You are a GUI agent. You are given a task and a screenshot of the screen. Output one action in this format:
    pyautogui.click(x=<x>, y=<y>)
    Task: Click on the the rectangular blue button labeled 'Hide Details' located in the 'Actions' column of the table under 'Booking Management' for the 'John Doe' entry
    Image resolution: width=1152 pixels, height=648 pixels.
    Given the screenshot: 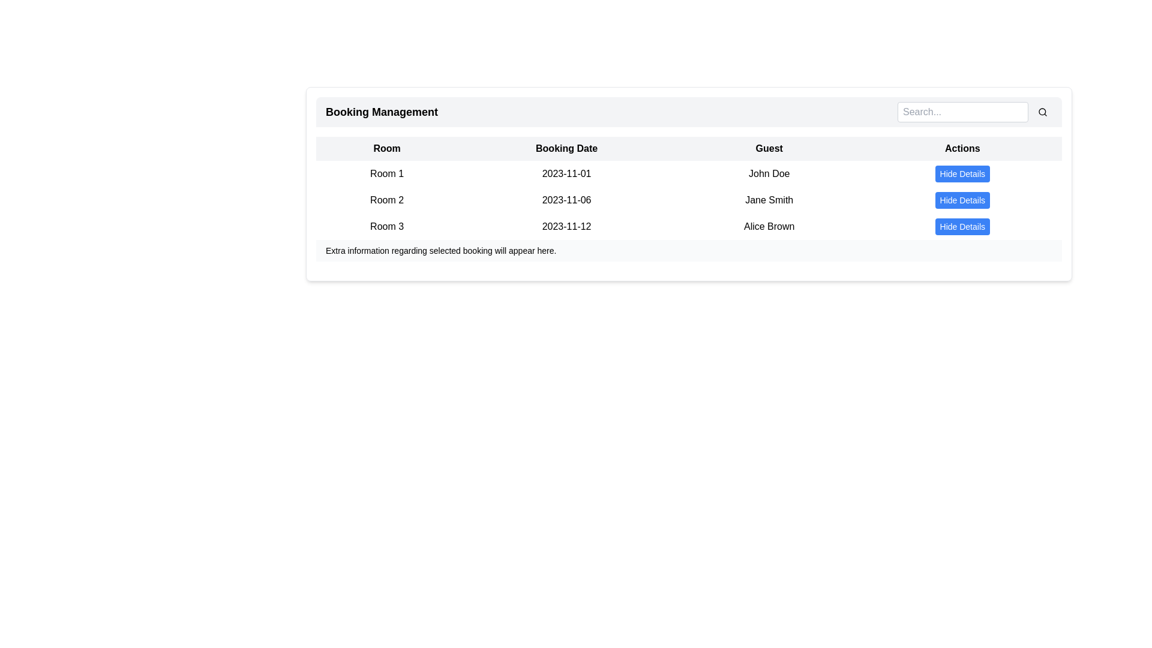 What is the action you would take?
    pyautogui.click(x=962, y=173)
    